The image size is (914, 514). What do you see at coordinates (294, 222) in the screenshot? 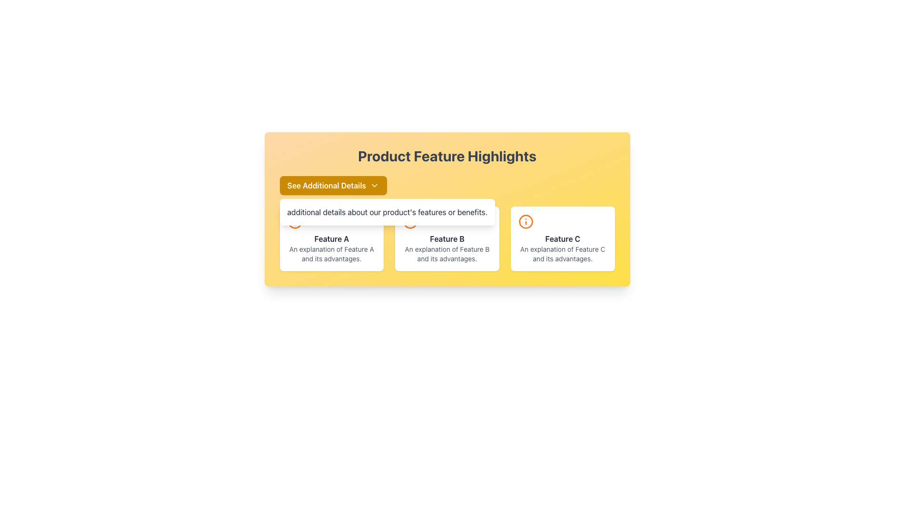
I see `the circular orange icon with an info symbol located in the top-left corner of the card titled 'Feature A'` at bounding box center [294, 222].